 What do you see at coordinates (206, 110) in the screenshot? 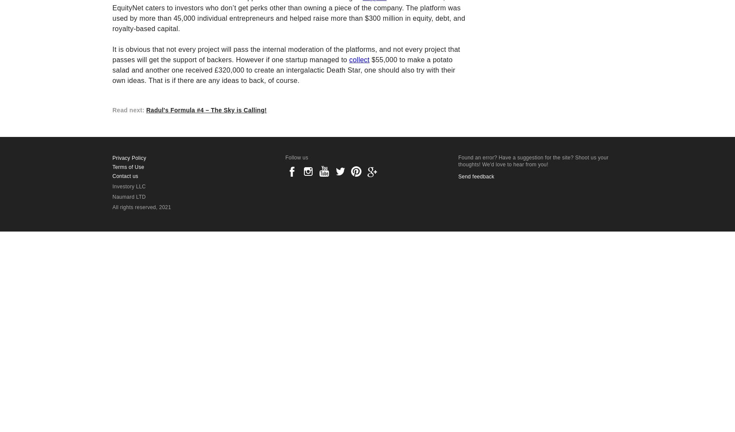
I see `'Radul's Formula #4 – The Sky is Calling!'` at bounding box center [206, 110].